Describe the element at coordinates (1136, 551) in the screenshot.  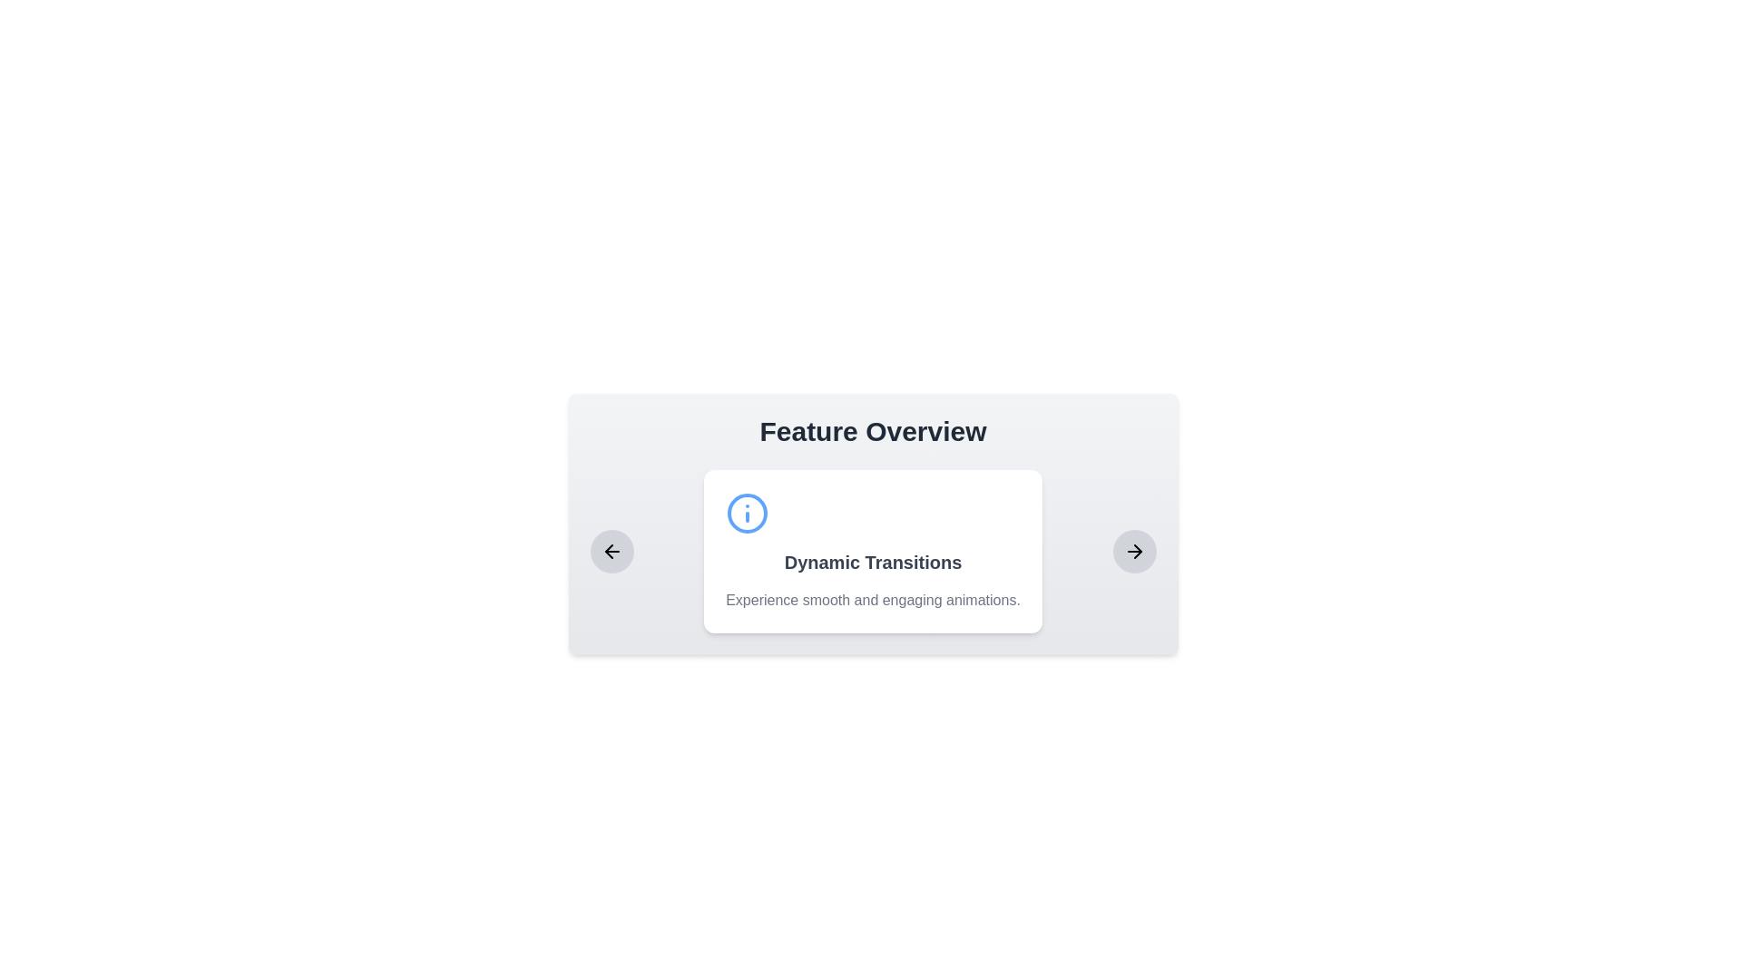
I see `the rightward-pointing arrow icon, which is a small triangular arrowhead with rounded ends` at that location.